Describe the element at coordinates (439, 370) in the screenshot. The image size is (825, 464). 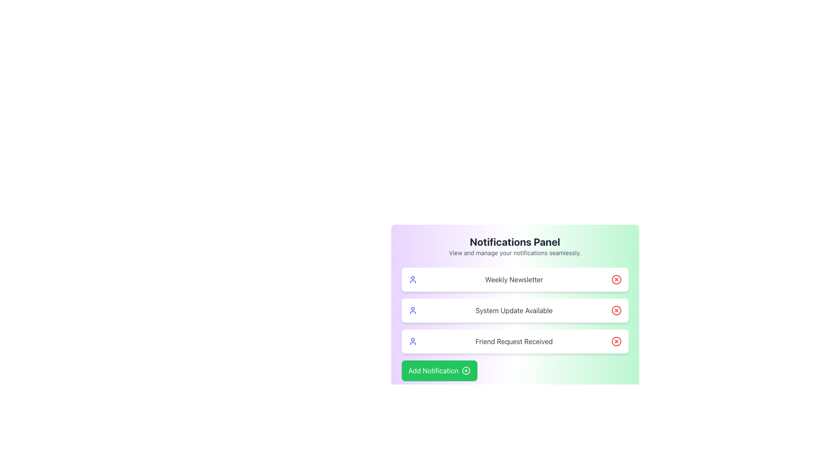
I see `the green rectangular button labeled 'Add Notification' at the bottom of the notifications panel to observe its color change` at that location.